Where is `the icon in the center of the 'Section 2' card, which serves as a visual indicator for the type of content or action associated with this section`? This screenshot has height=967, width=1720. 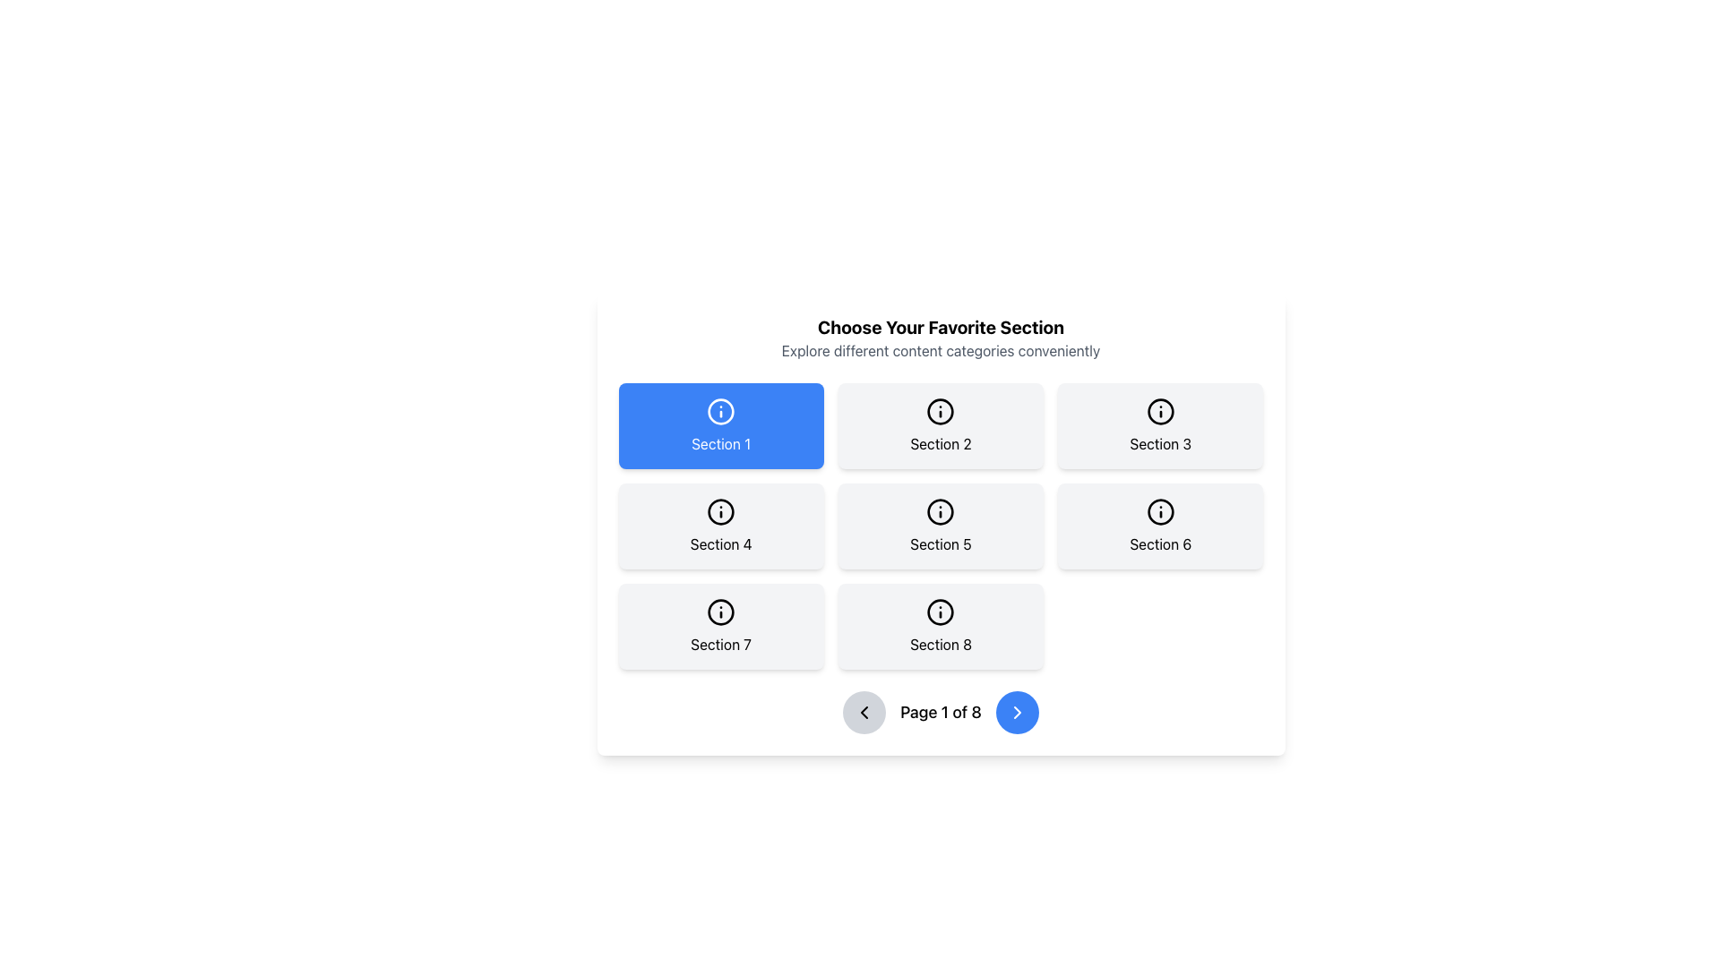
the icon in the center of the 'Section 2' card, which serves as a visual indicator for the type of content or action associated with this section is located at coordinates (940, 411).